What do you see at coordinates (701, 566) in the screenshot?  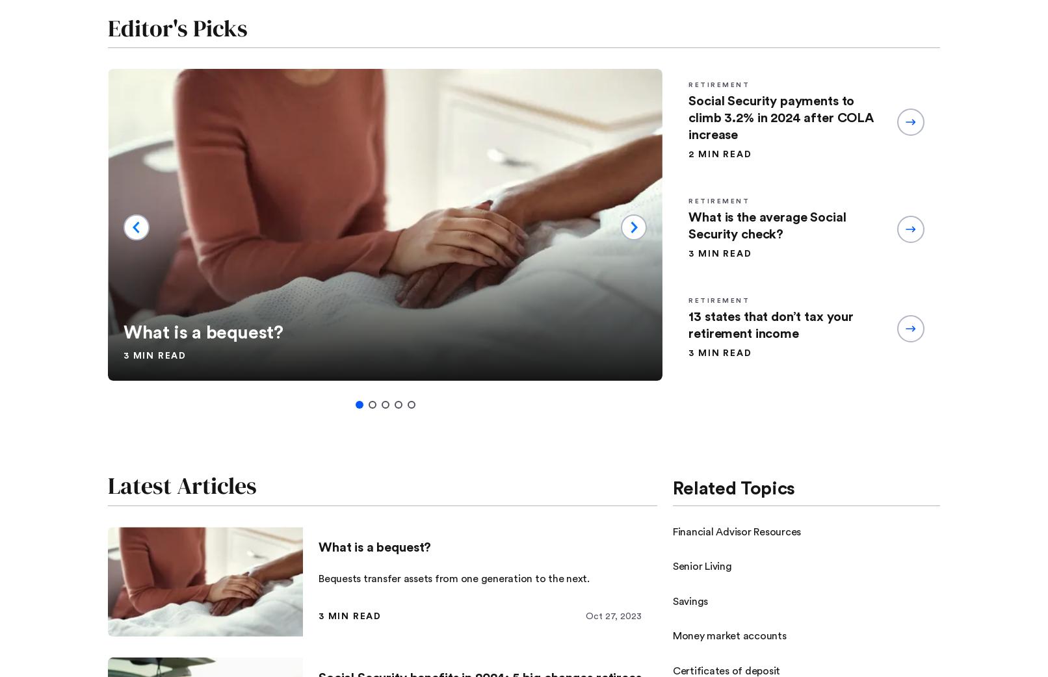 I see `'Senior Living'` at bounding box center [701, 566].